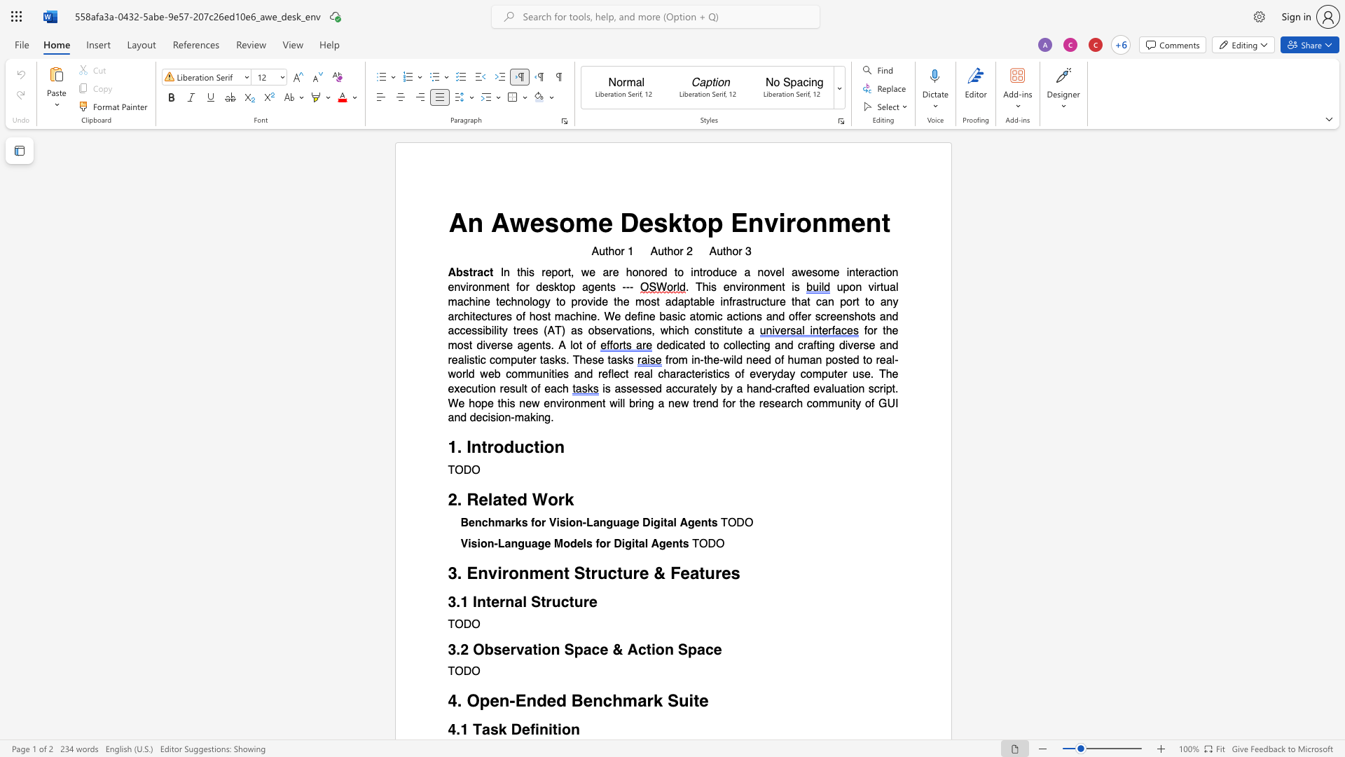 Image resolution: width=1345 pixels, height=757 pixels. I want to click on the 7th character "i" in the text, so click(482, 389).